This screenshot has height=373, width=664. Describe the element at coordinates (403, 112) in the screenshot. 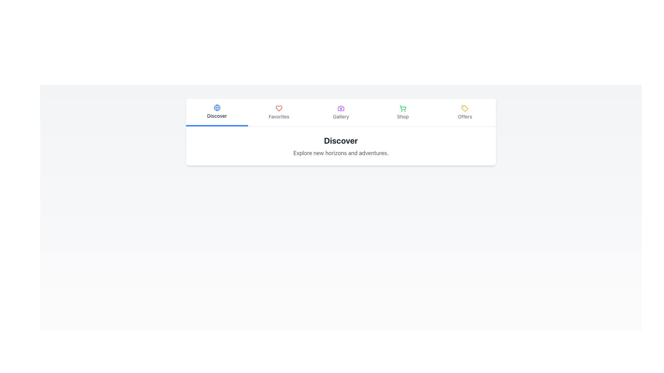

I see `the 'Shop' navigation button, which features a green shopping cart icon and is the fourth element in the navigation bar` at that location.